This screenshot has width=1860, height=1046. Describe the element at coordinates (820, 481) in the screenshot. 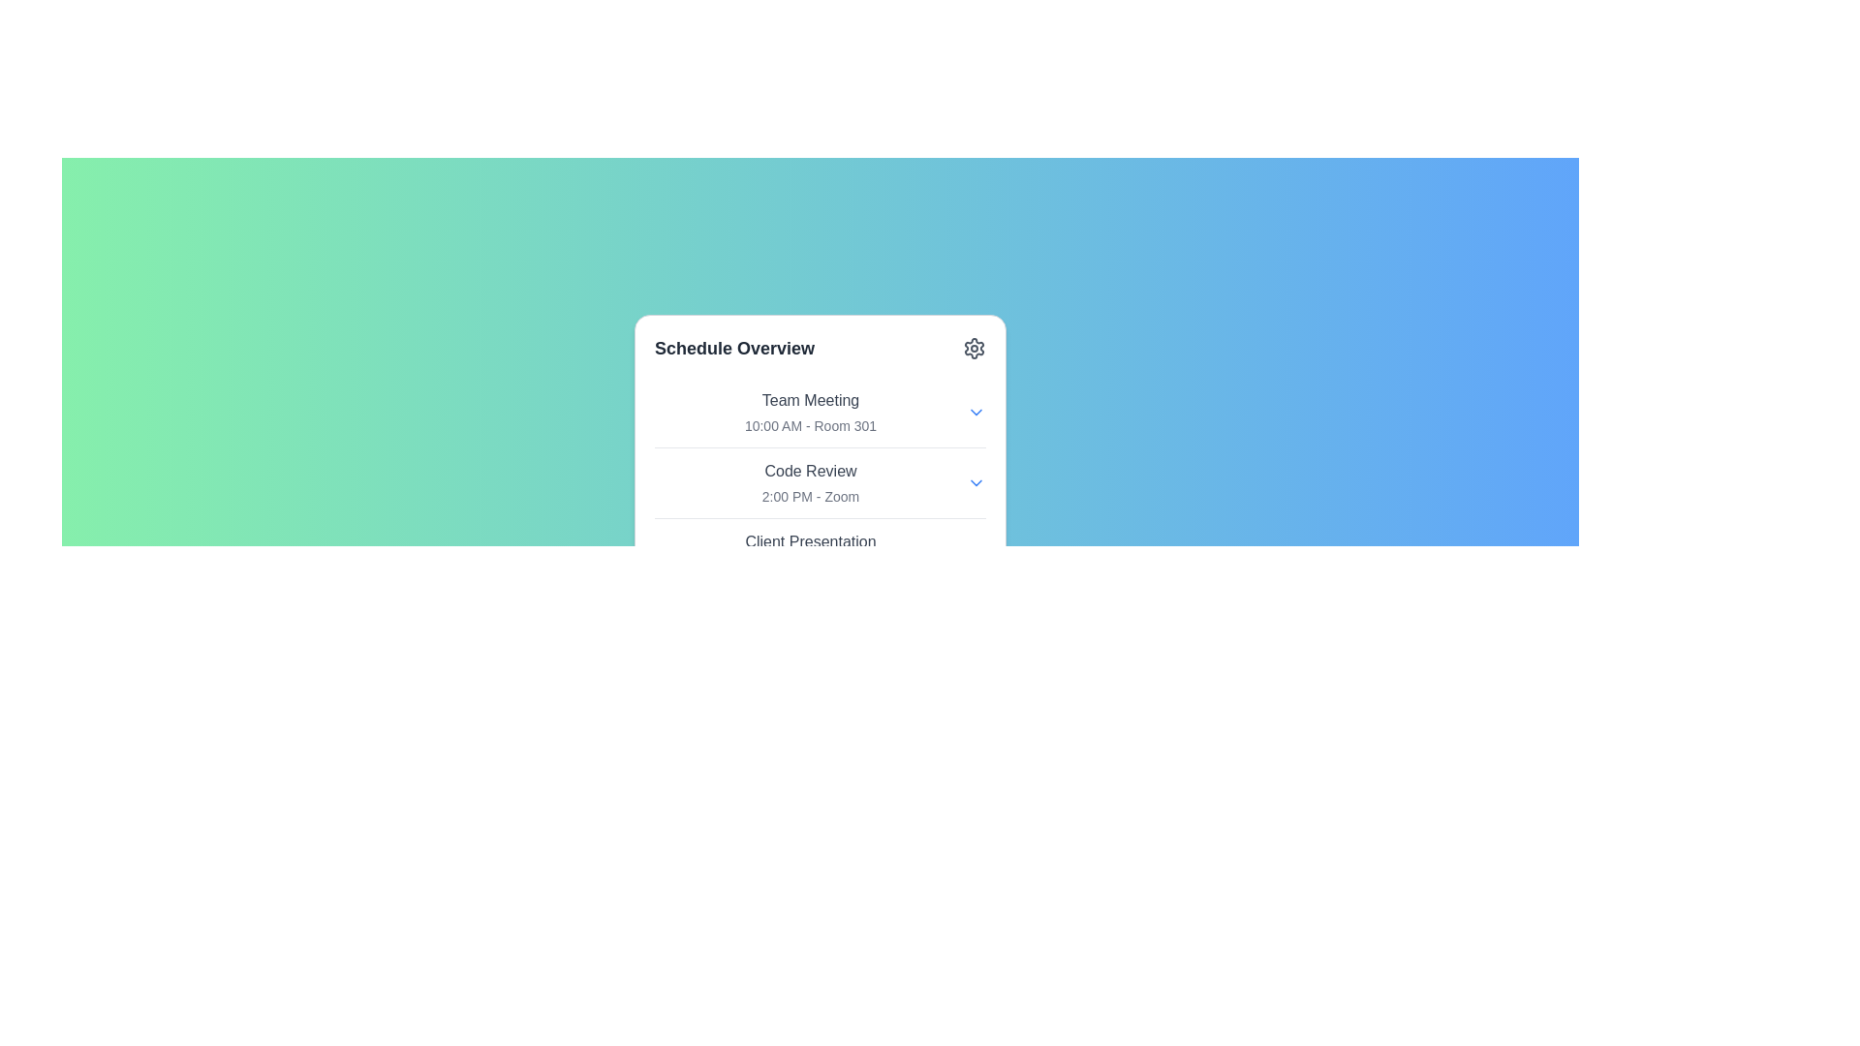

I see `the 'Code Review' information block that displays '2:00 PM - Zoom', which is the second item in the schedule overview box` at that location.